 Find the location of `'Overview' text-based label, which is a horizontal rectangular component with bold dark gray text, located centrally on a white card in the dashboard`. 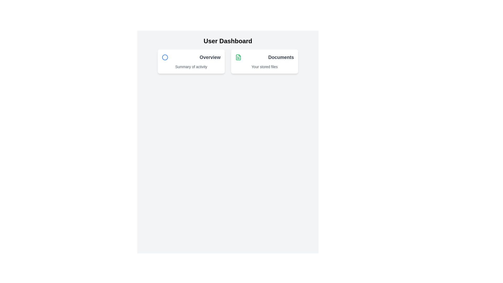

'Overview' text-based label, which is a horizontal rectangular component with bold dark gray text, located centrally on a white card in the dashboard is located at coordinates (191, 57).